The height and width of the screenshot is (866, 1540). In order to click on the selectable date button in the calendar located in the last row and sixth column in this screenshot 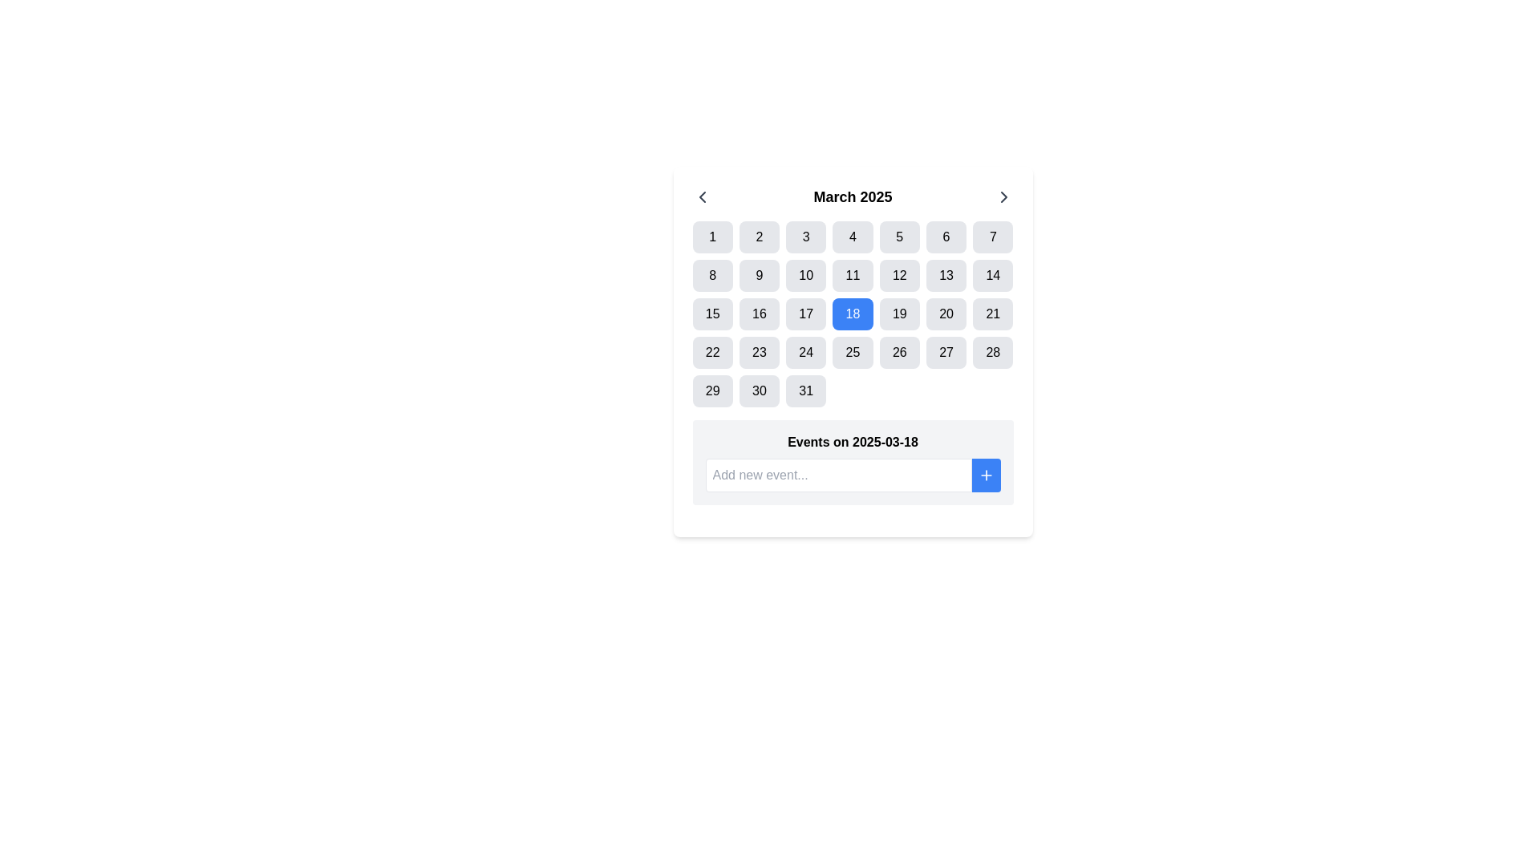, I will do `click(758, 391)`.